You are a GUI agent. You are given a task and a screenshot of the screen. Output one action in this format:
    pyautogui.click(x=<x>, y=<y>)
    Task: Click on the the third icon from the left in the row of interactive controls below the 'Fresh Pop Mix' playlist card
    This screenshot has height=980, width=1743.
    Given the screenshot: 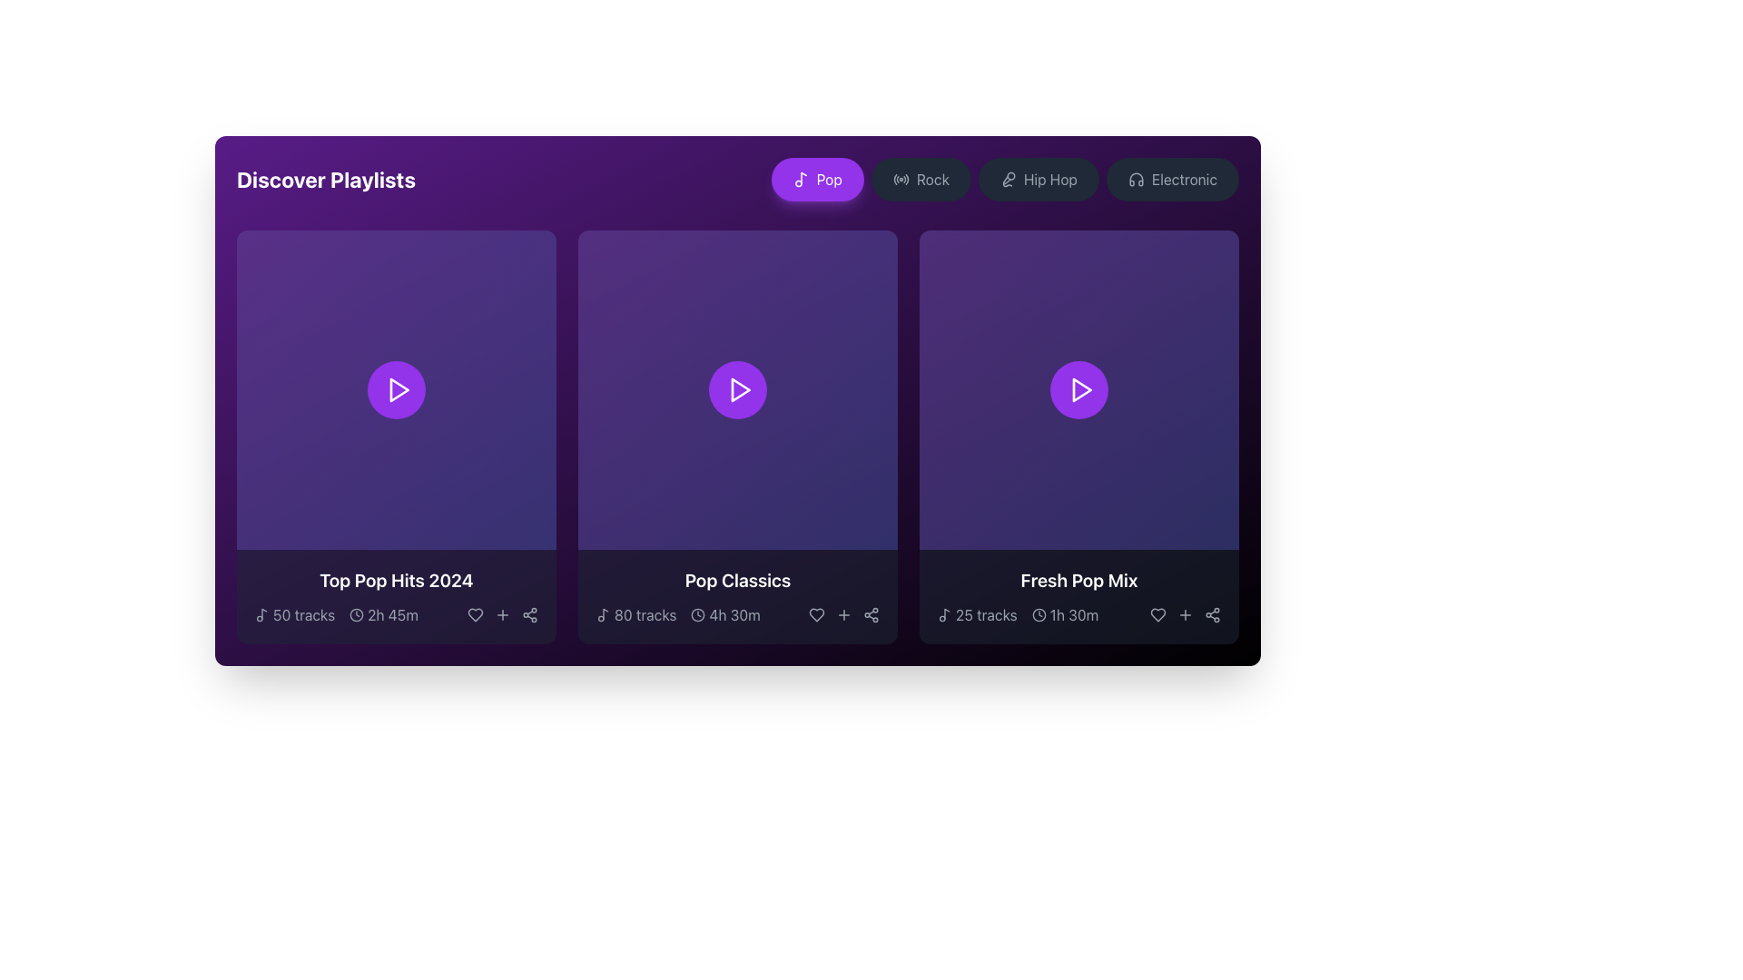 What is the action you would take?
    pyautogui.click(x=1185, y=614)
    